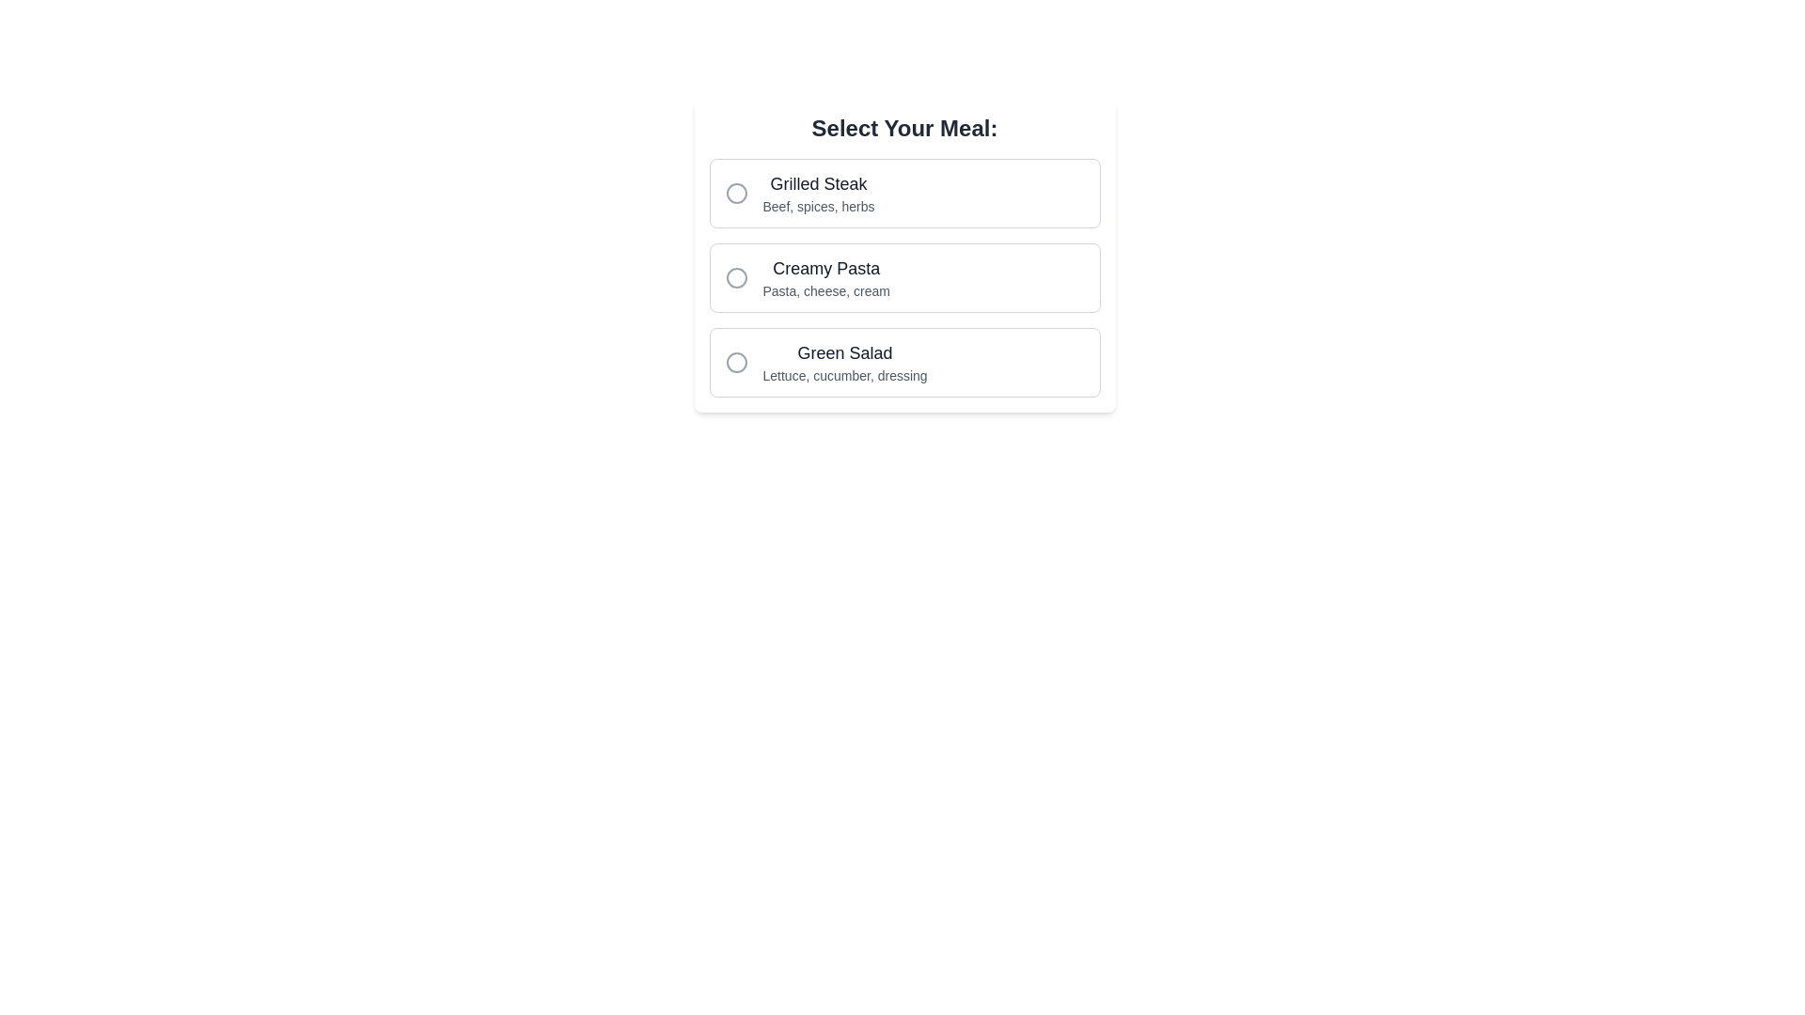 This screenshot has height=1015, width=1805. I want to click on the text label for the first meal option, which identifies 'Grilled Steak' and is located above the description 'Beef, spices, herbs.', so click(819, 184).